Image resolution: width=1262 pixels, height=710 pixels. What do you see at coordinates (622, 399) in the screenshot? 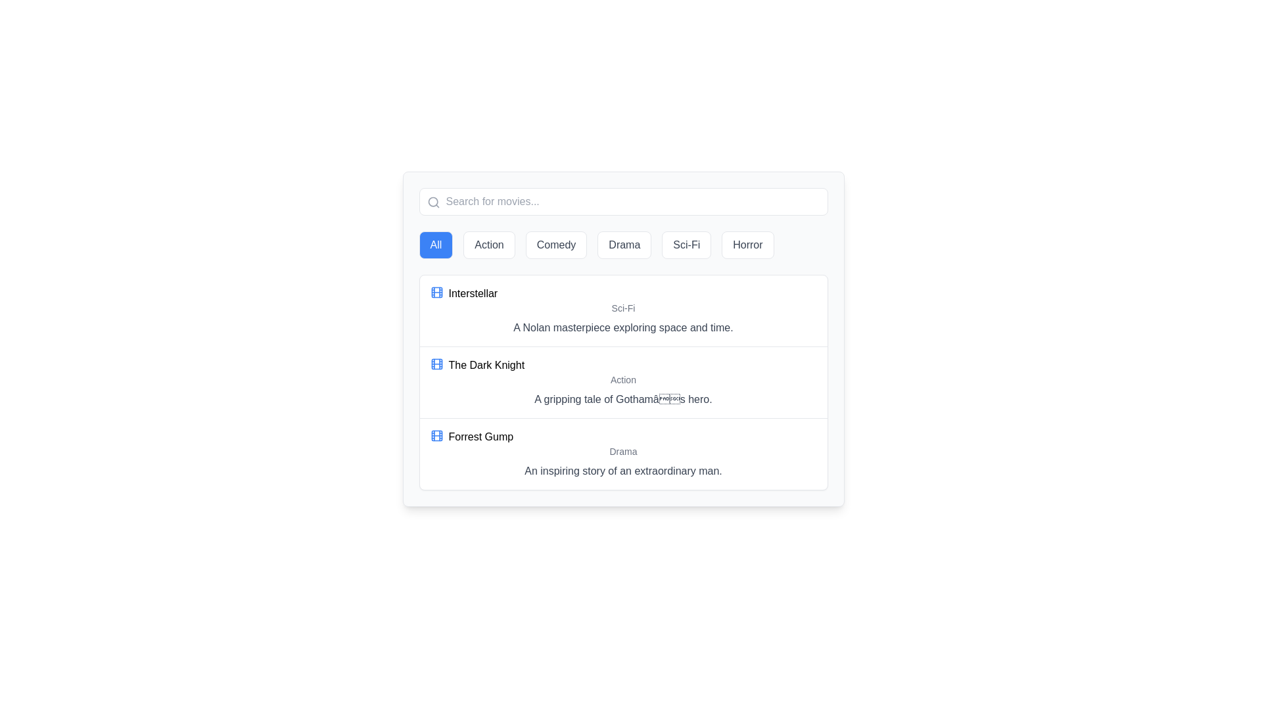
I see `the descriptive text label providing additional information about the movie 'The Dark Knight', which is located below the title and genre information in the movie entry section` at bounding box center [622, 399].